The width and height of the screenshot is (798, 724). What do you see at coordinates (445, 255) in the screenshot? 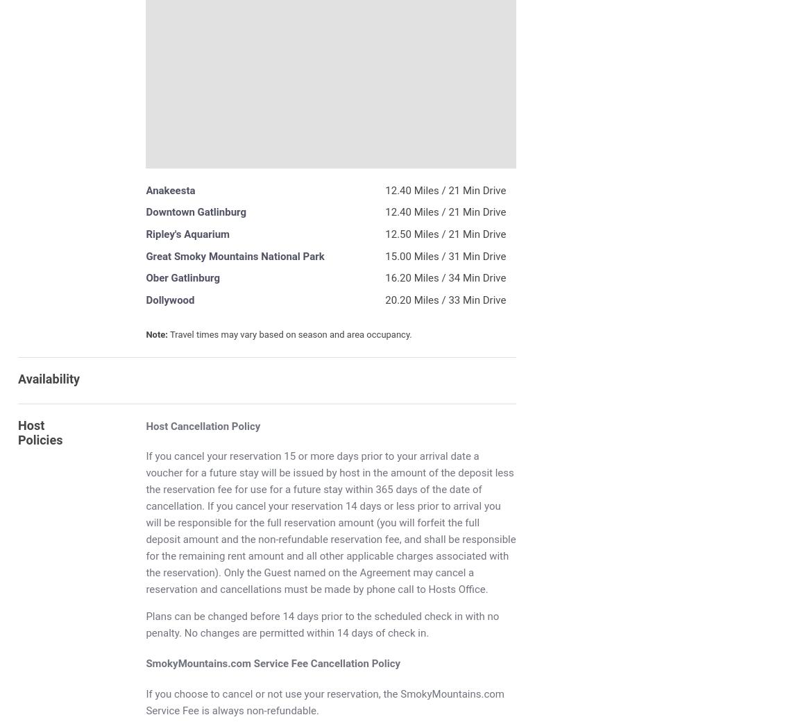
I see `'15.00 Miles / 31 Min Drive'` at bounding box center [445, 255].